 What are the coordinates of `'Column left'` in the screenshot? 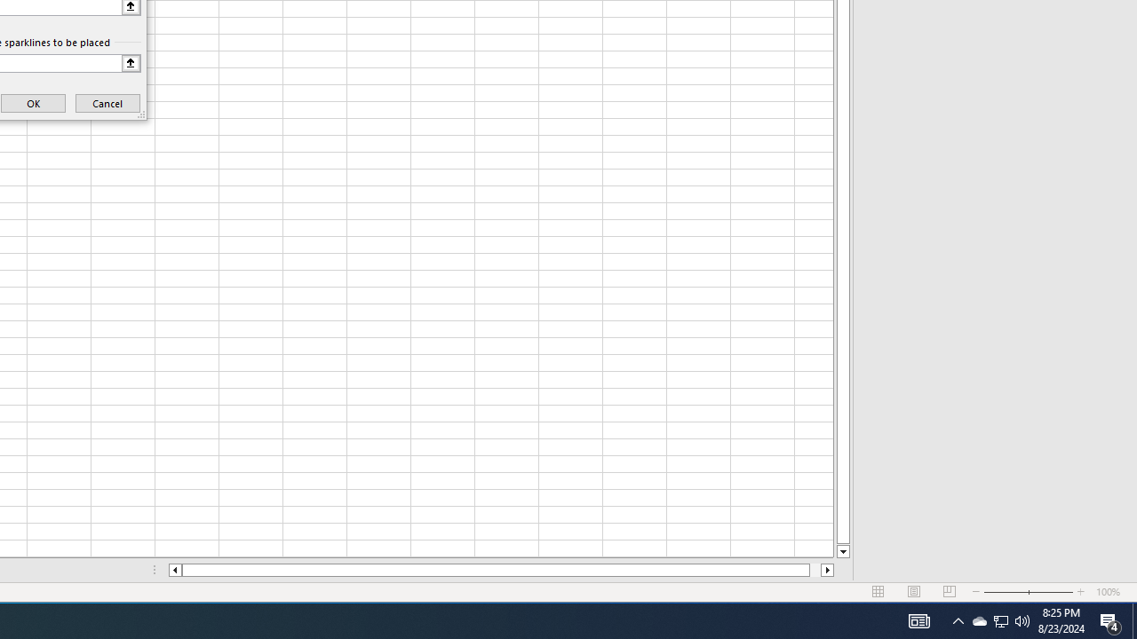 It's located at (174, 570).